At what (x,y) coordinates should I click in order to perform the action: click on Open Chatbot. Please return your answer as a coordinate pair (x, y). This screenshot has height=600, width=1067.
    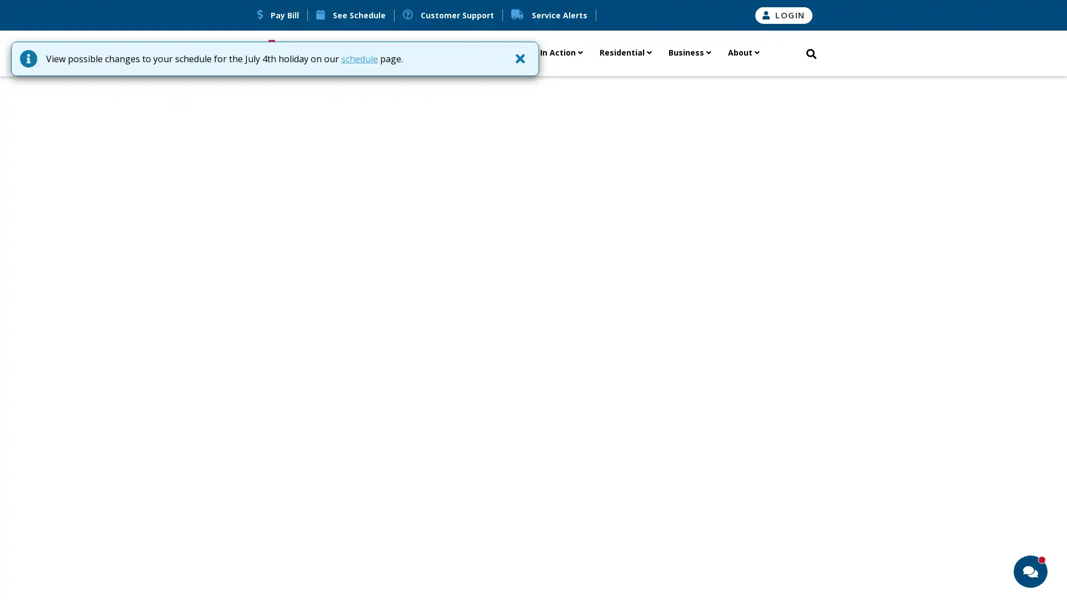
    Looking at the image, I should click on (1030, 572).